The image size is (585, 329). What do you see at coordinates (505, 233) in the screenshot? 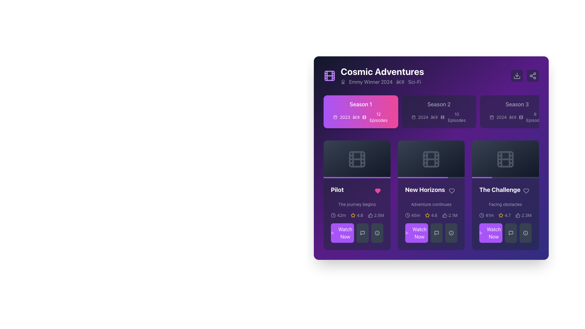
I see `the 'Watch Now' button with a bold purple background and white text located at the bottom left of the 'The Challenge' card` at bounding box center [505, 233].